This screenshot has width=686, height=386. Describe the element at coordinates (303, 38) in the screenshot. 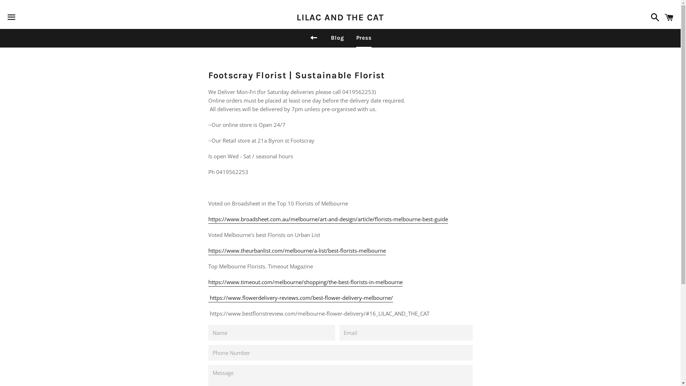

I see `'Back to site navigation'` at that location.